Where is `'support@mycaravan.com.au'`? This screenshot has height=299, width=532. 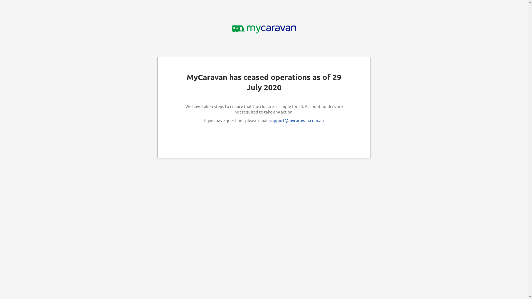
'support@mycaravan.com.au' is located at coordinates (296, 120).